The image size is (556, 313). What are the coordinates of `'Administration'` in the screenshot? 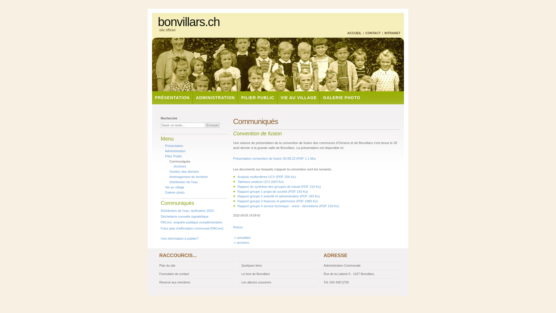 It's located at (175, 150).